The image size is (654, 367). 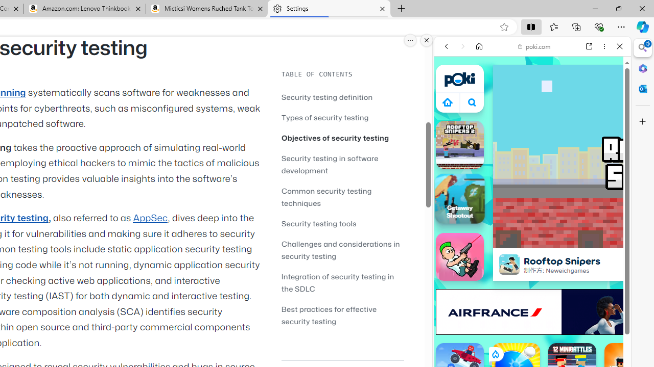 What do you see at coordinates (342, 250) in the screenshot?
I see `'Challenges and considerations in security testing'` at bounding box center [342, 250].